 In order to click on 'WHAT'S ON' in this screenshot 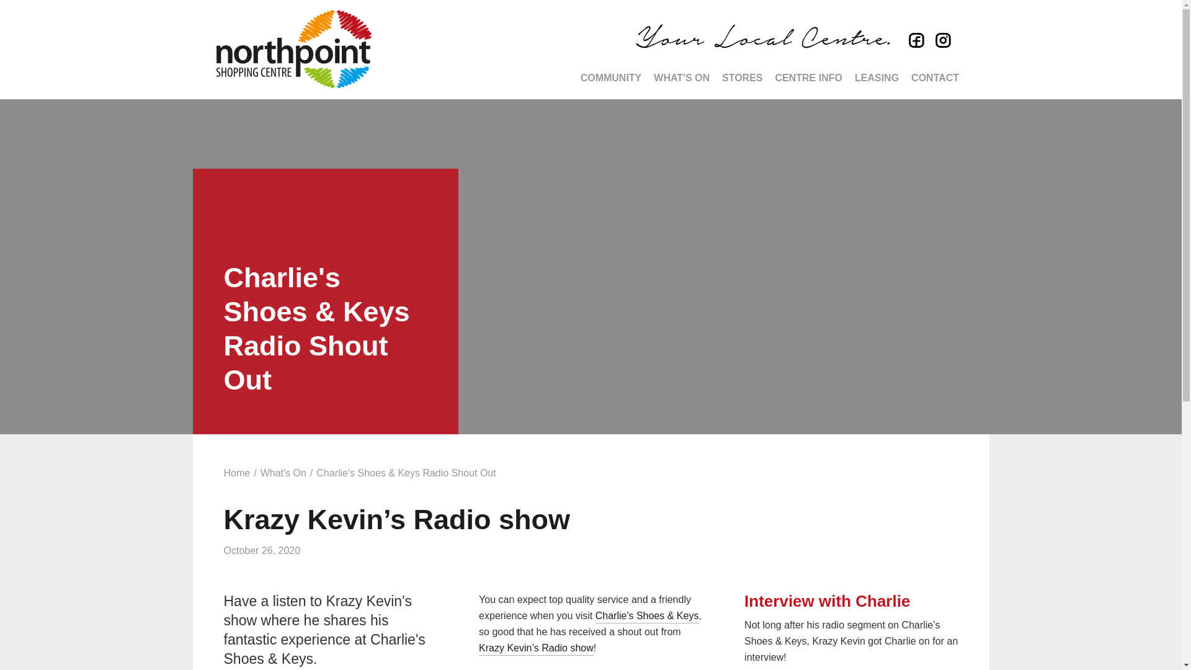, I will do `click(681, 78)`.